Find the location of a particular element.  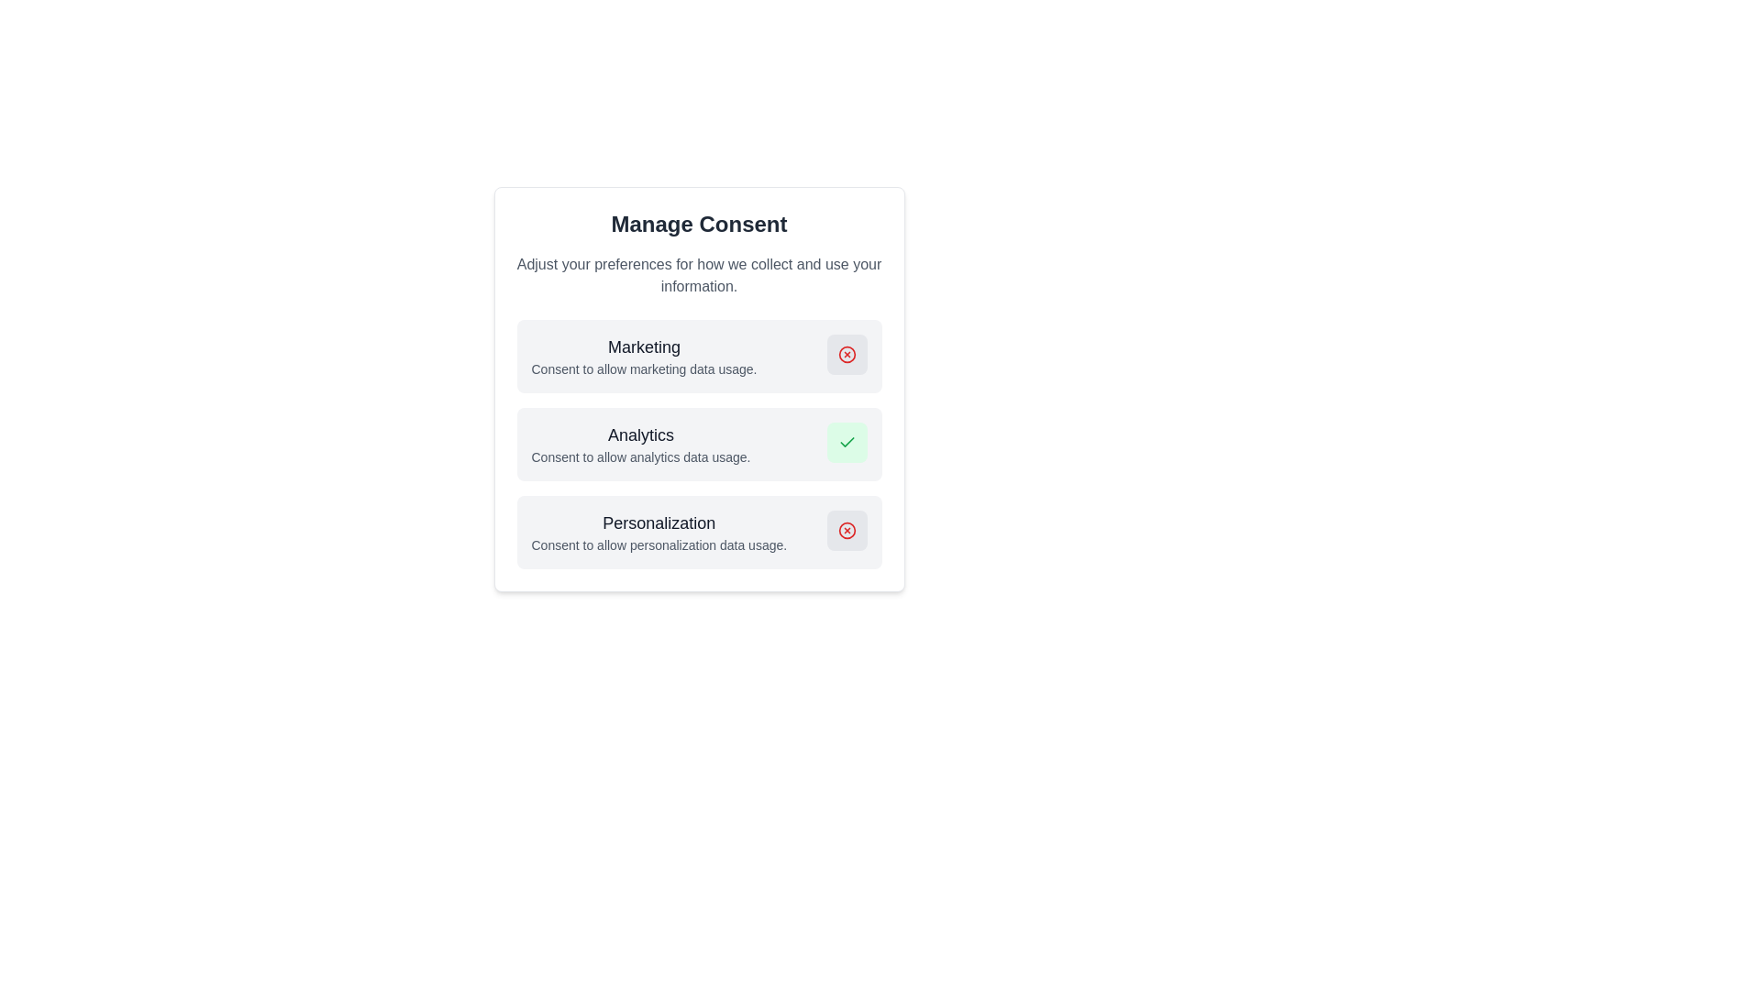

the 'Personalization' consent section title located at the top center of the viewport, below the 'Analytics' section is located at coordinates (659, 522).